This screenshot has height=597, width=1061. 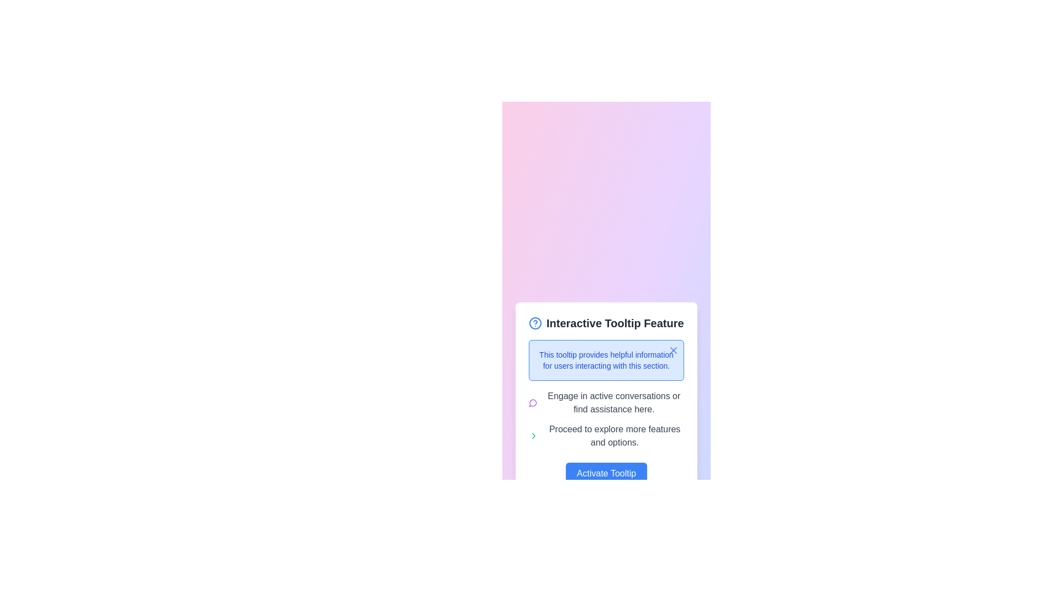 What do you see at coordinates (535, 323) in the screenshot?
I see `the information icon located in the upper section of the content card, to the left of the text title` at bounding box center [535, 323].